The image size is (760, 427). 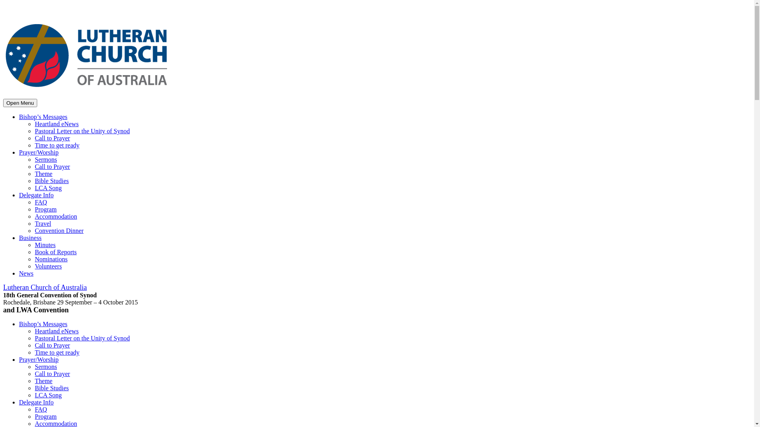 I want to click on 'Travel', so click(x=42, y=223).